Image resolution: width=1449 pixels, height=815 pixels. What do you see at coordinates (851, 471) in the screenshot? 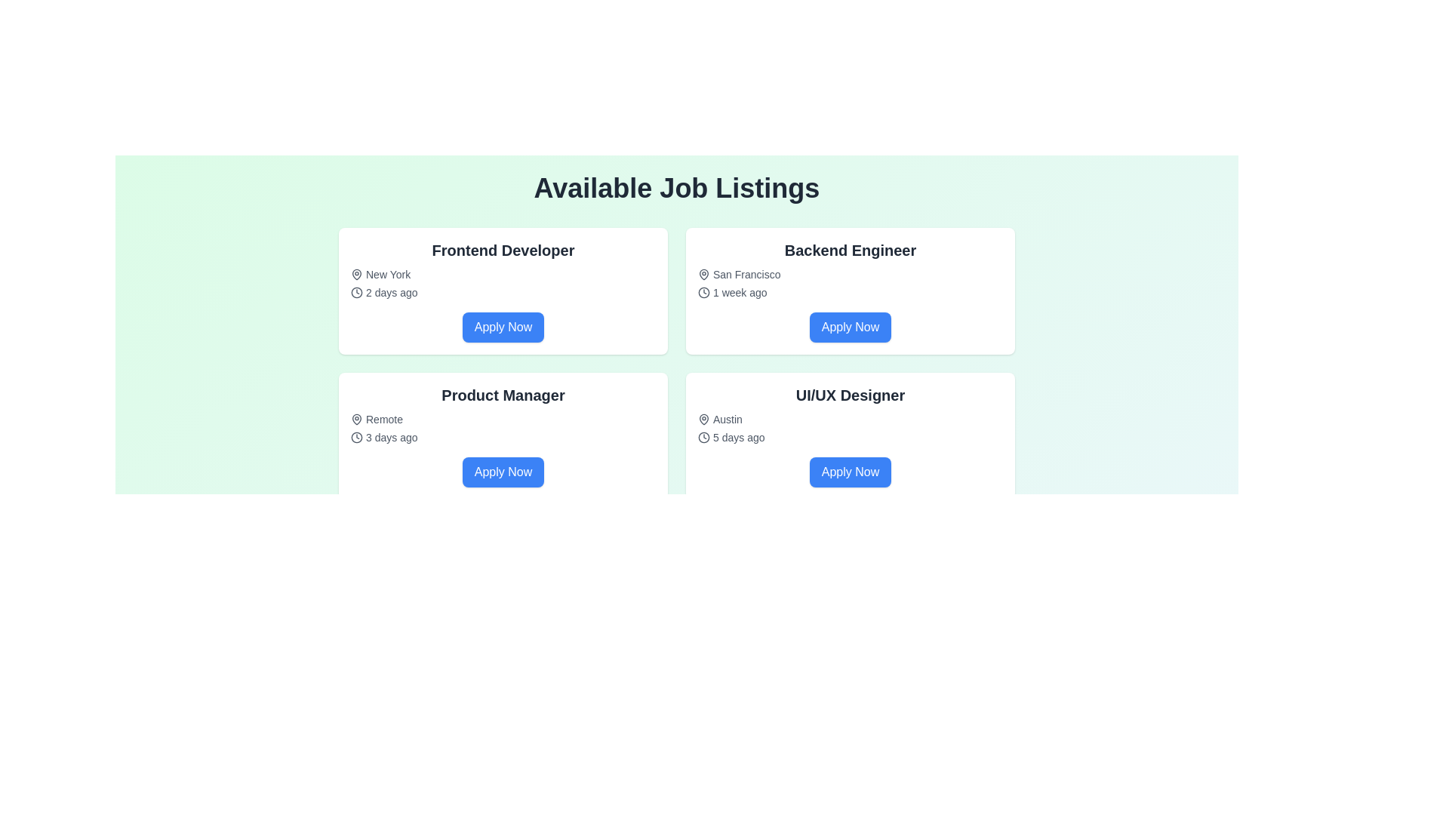
I see `the 'Apply Now' button with white text on a blue background located in the bottom-right corner of the 'UI/UX Designer' job listing card to apply for the job` at bounding box center [851, 471].